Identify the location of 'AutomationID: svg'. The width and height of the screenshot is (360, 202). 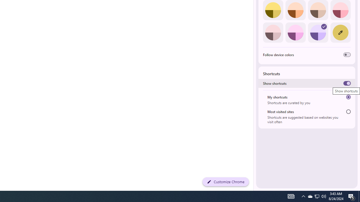
(324, 27).